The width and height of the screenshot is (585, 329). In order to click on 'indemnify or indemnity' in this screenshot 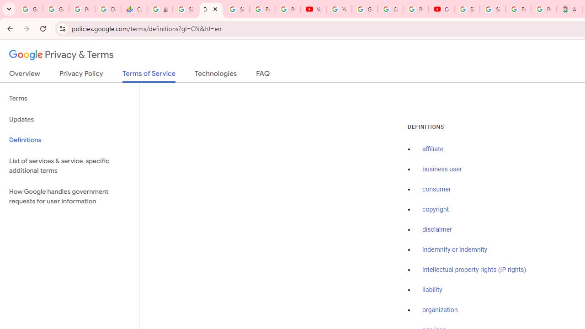, I will do `click(455, 249)`.